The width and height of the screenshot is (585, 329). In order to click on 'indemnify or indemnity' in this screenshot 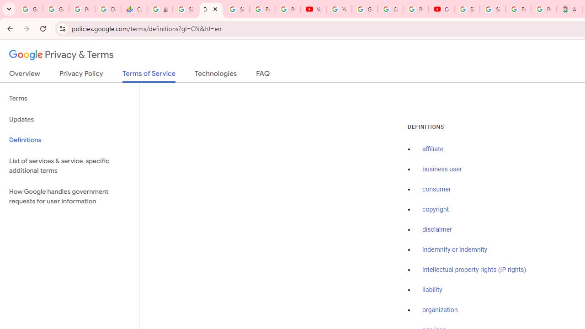, I will do `click(455, 249)`.